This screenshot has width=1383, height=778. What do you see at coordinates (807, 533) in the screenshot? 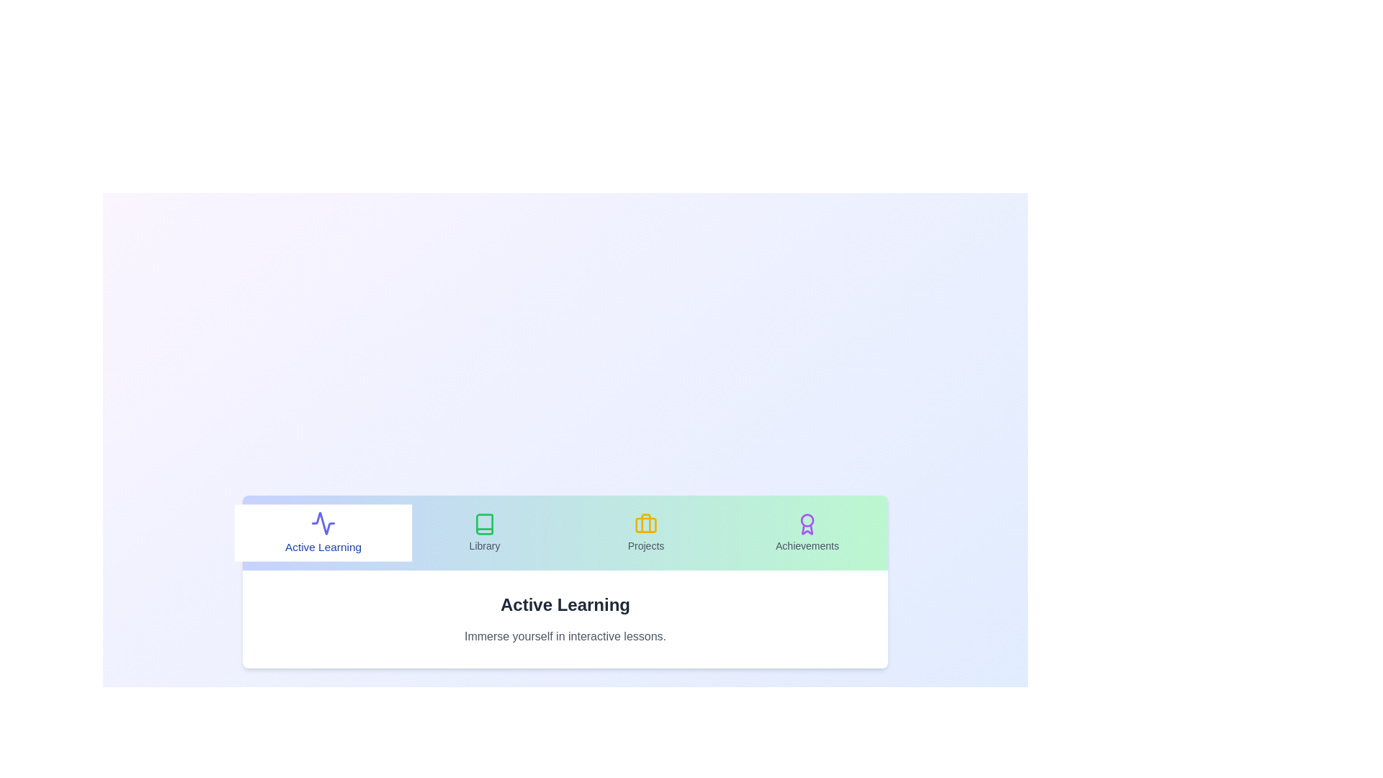
I see `the tab labeled Achievements` at bounding box center [807, 533].